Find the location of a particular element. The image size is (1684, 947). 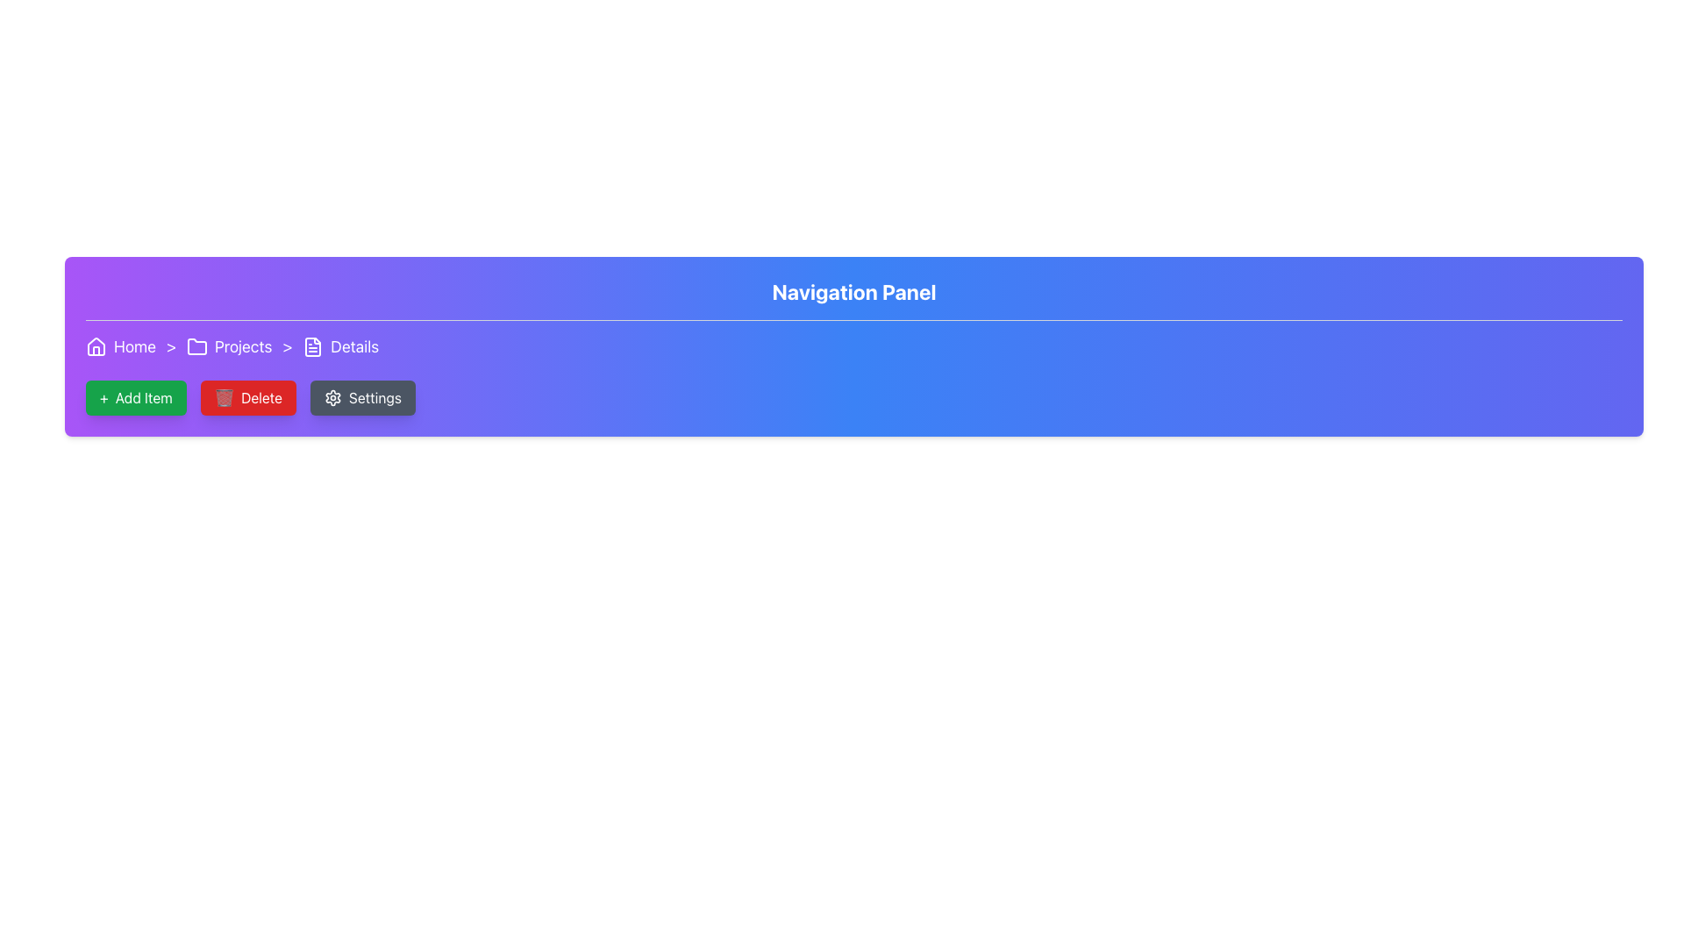

the 'Home' breadcrumb item, which is the first item in the breadcrumb navigation bar and features white text on a purple background with a stylized house icon is located at coordinates (120, 347).